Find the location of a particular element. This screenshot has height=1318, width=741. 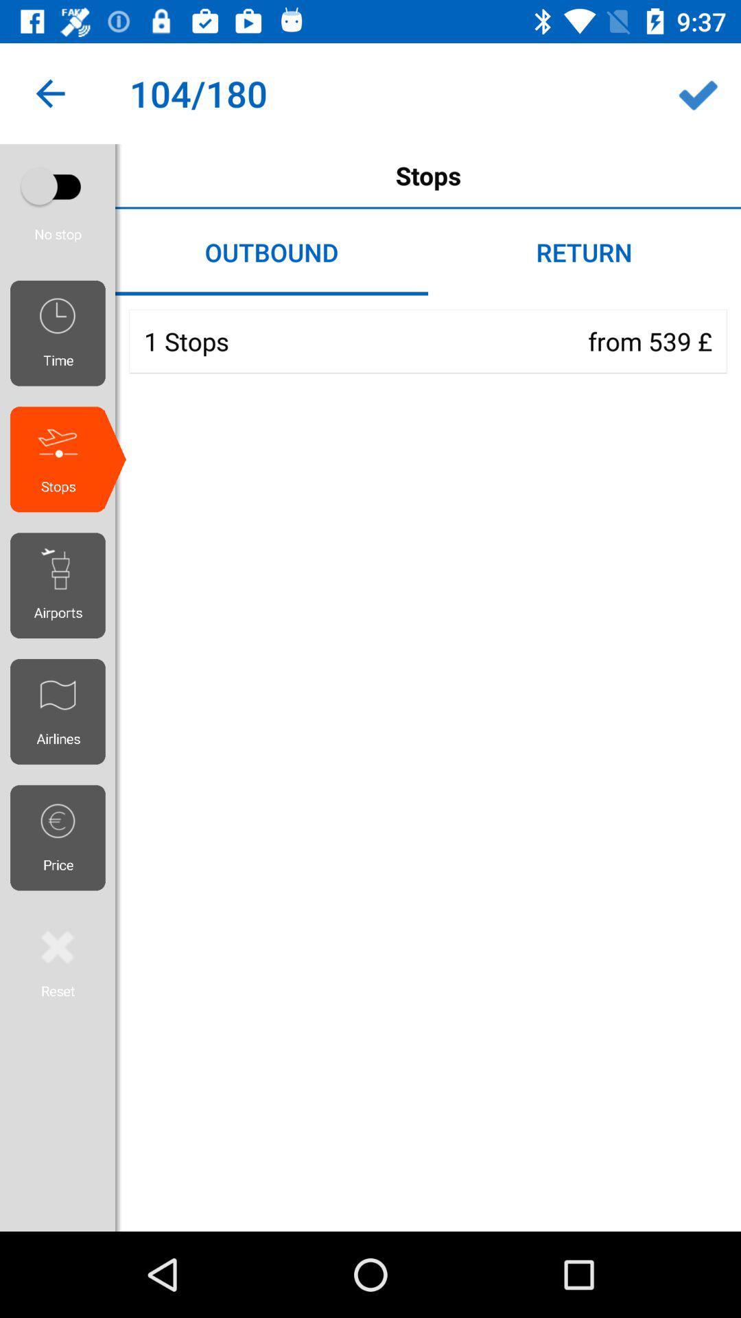

the icon next to 104/180 icon is located at coordinates (698, 93).